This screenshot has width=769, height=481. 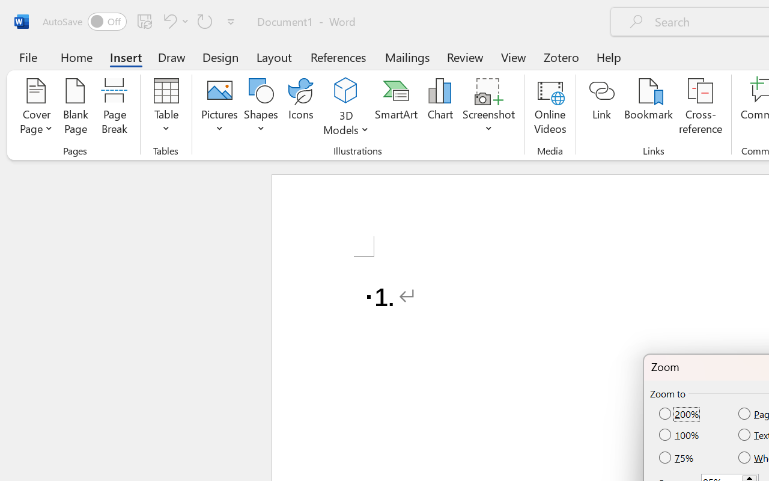 What do you see at coordinates (680, 434) in the screenshot?
I see `'100%'` at bounding box center [680, 434].